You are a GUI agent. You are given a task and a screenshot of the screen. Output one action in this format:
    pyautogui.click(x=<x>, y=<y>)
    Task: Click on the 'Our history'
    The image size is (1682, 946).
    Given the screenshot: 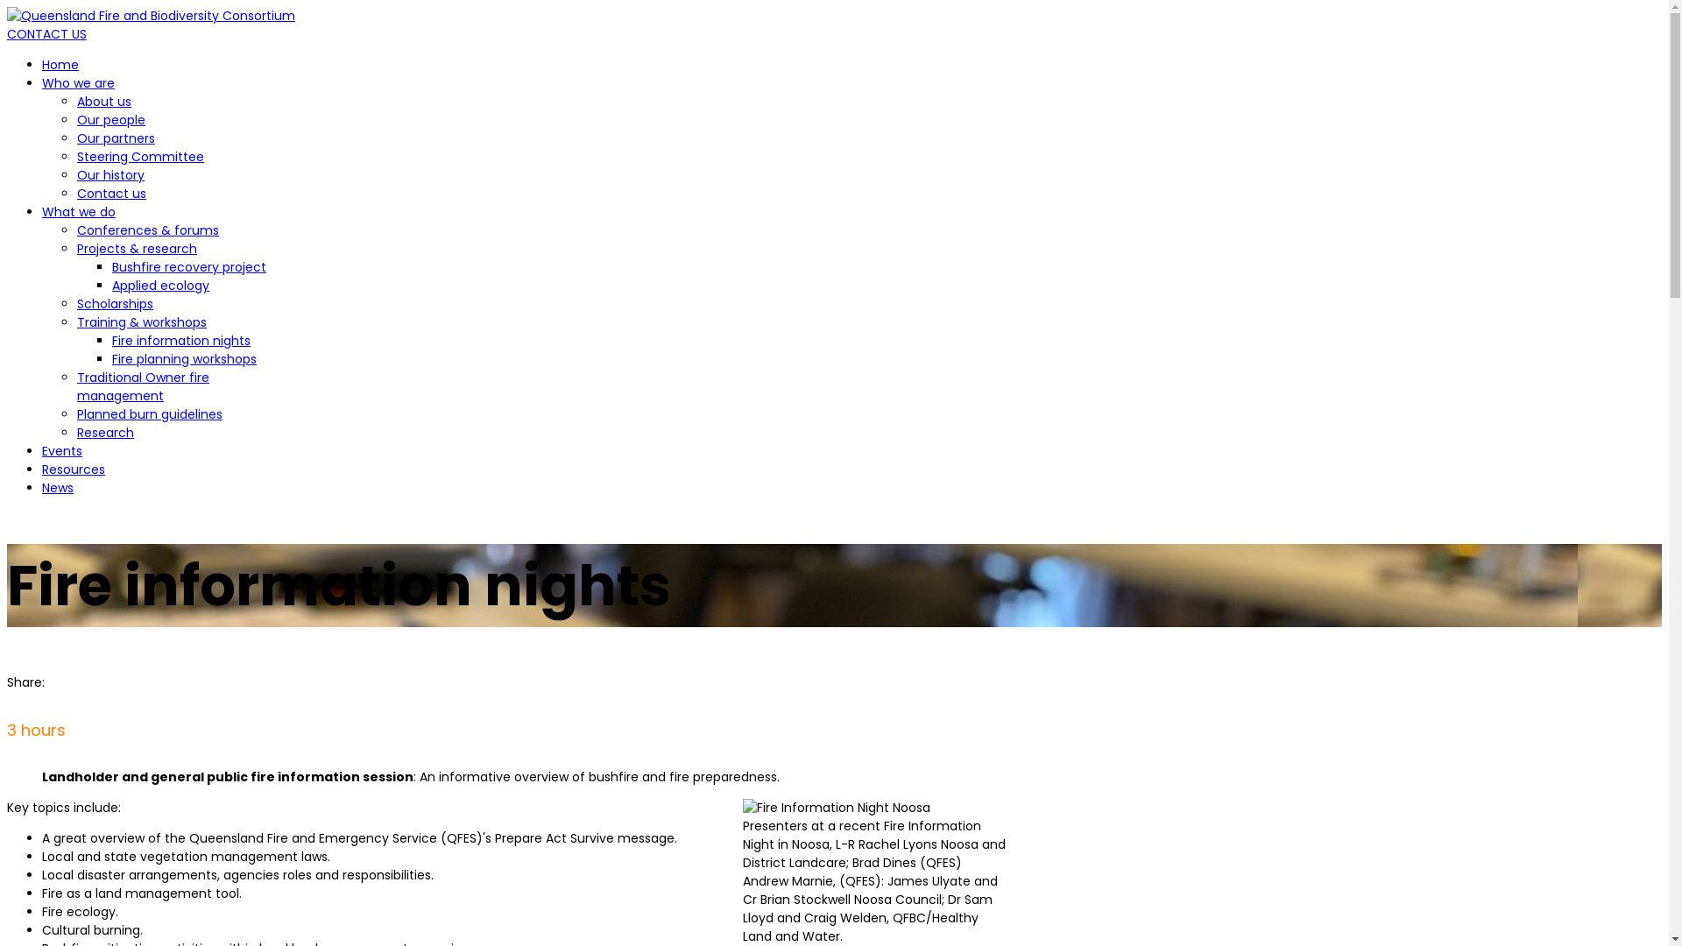 What is the action you would take?
    pyautogui.click(x=110, y=175)
    